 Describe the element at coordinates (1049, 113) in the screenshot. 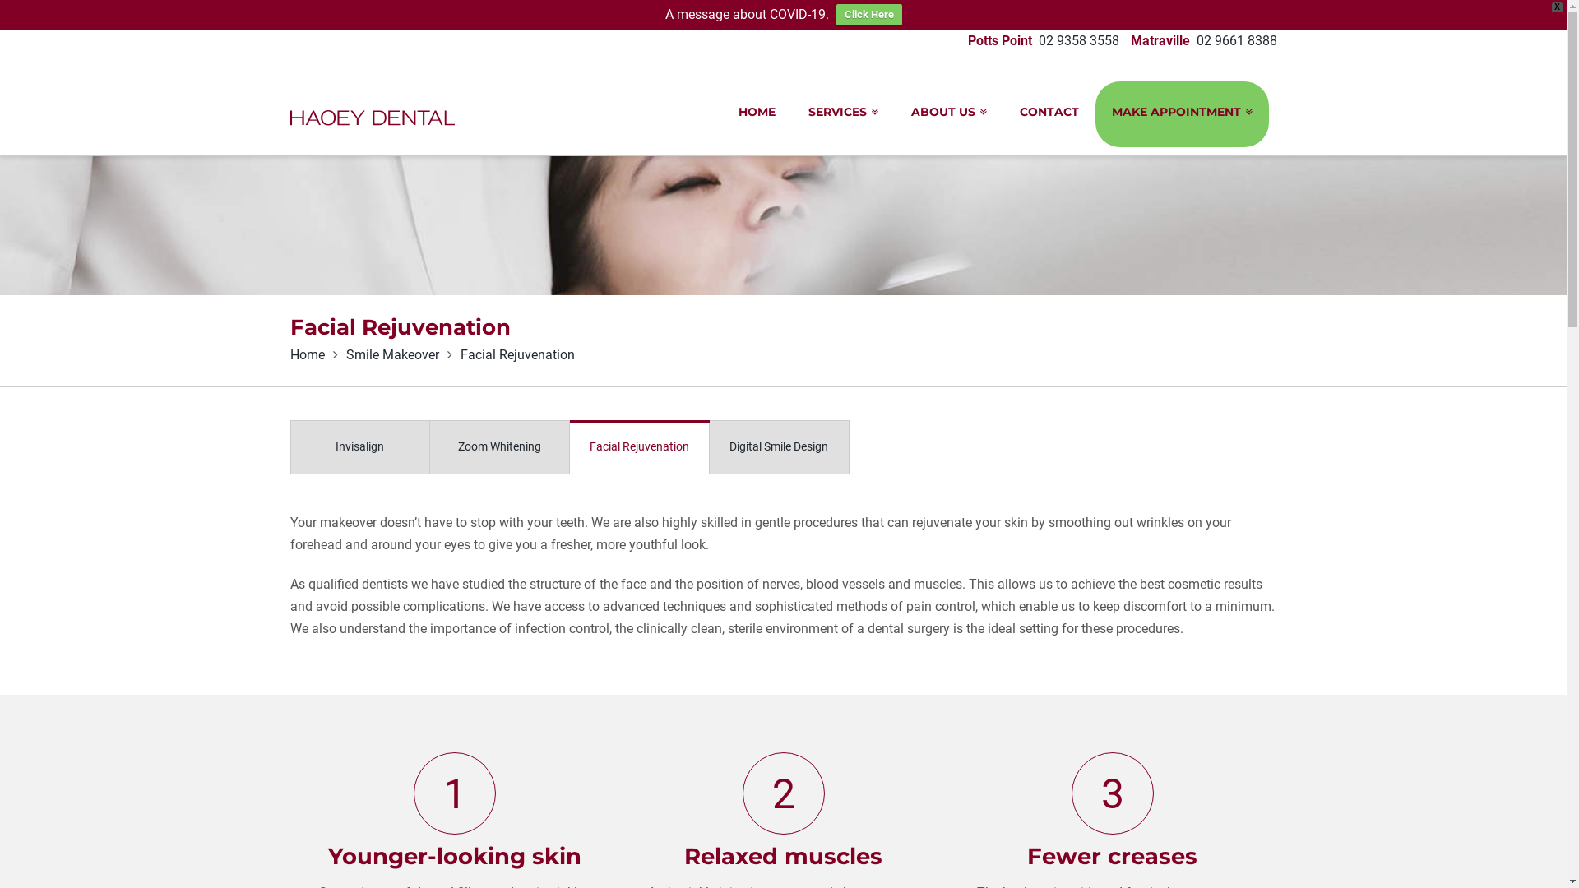

I see `'CONTACT'` at that location.